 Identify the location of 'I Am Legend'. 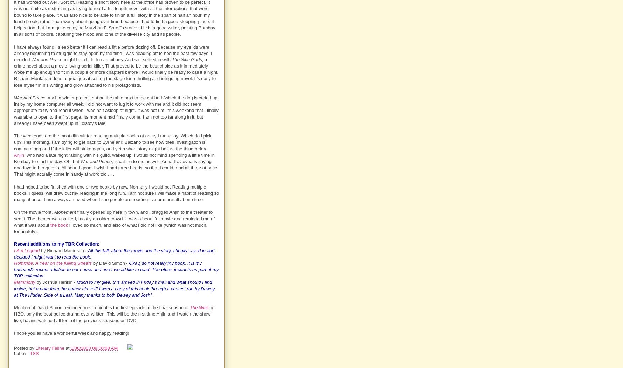
(26, 250).